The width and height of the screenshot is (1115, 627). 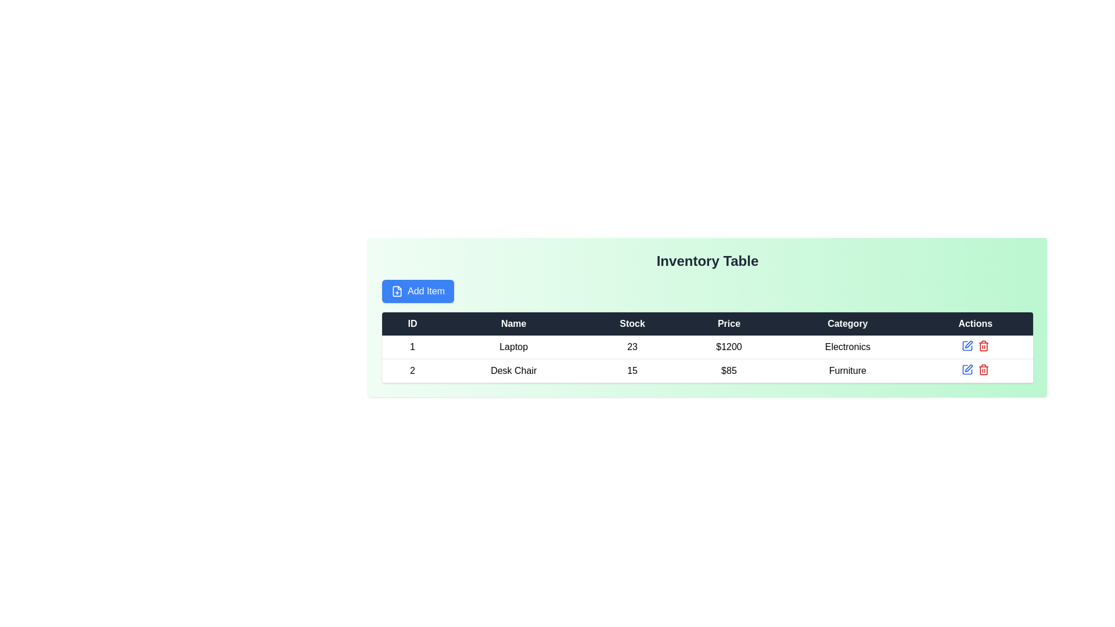 I want to click on the 'Add Item' button located at the top left corner of the 'Inventory Table' section, so click(x=418, y=290).